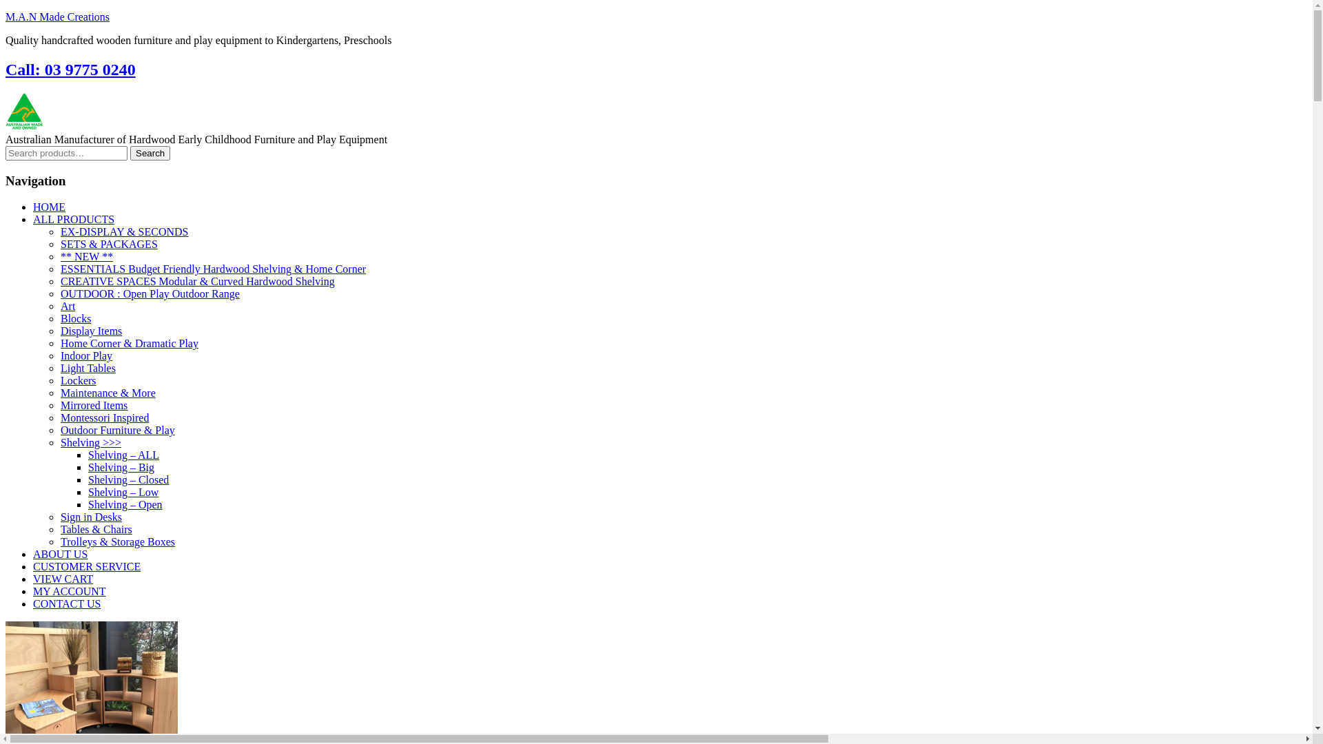 The height and width of the screenshot is (744, 1323). I want to click on 'Call: 03 9775 0240', so click(70, 69).